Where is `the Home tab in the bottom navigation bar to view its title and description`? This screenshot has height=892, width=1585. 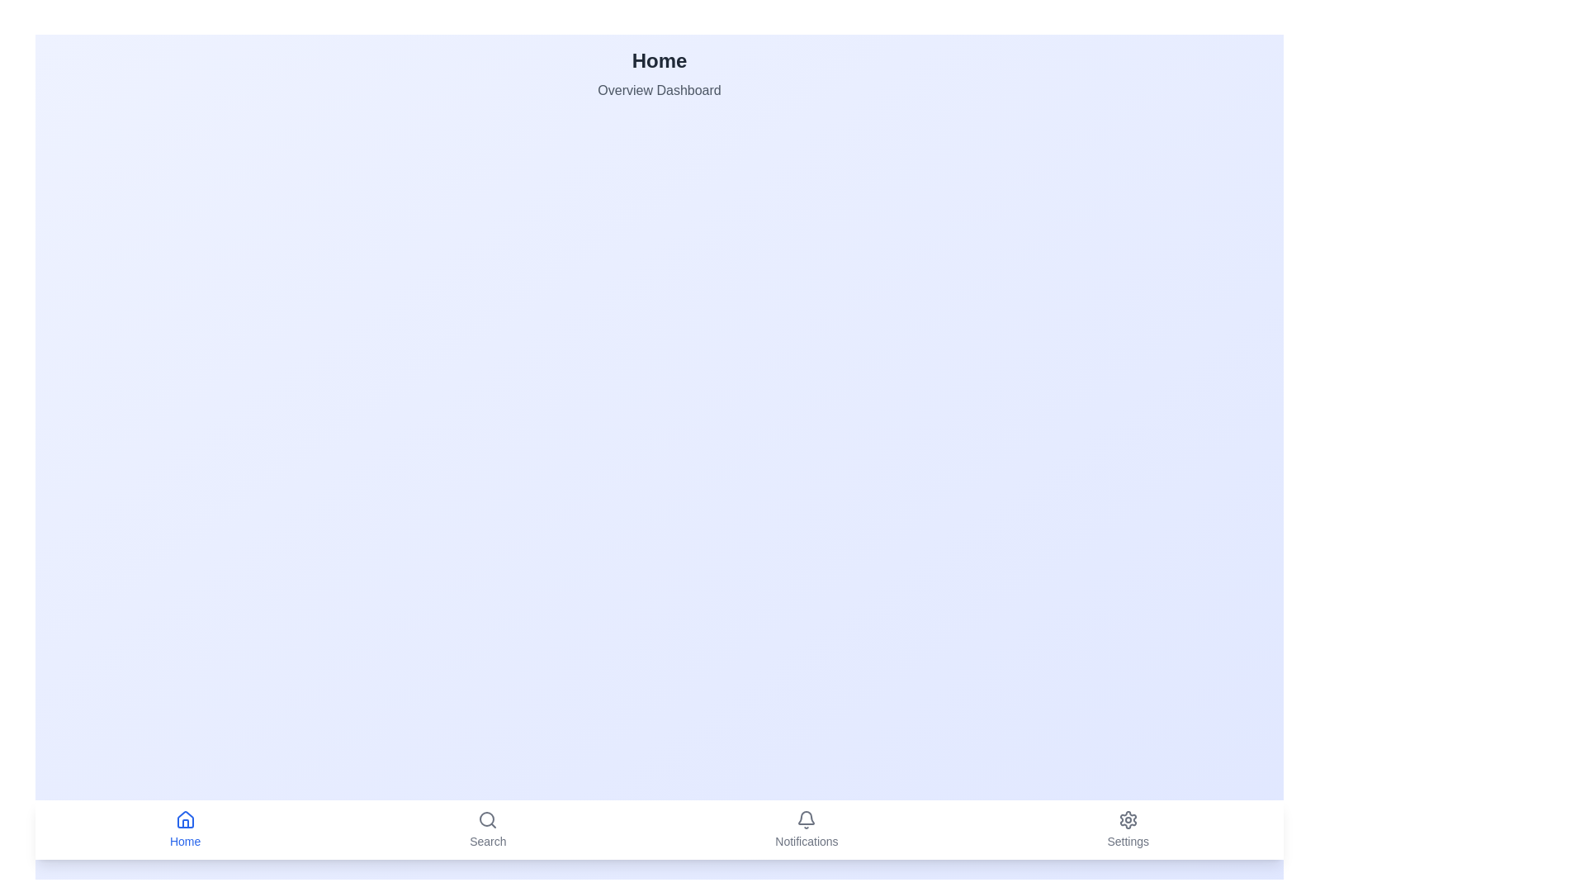
the Home tab in the bottom navigation bar to view its title and description is located at coordinates (185, 830).